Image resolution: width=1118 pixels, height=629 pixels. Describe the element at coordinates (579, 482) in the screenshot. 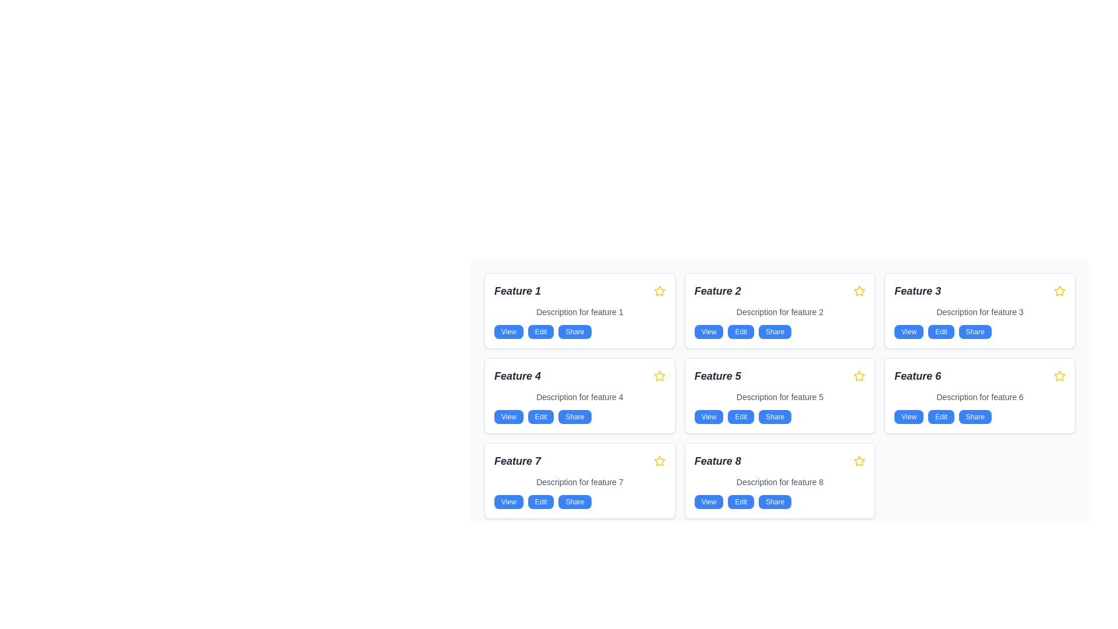

I see `the Text Label element containing 'Description for feature 7', which is located under the heading 'Feature 7' and above the buttons 'View', 'Edit', and 'Share'` at that location.